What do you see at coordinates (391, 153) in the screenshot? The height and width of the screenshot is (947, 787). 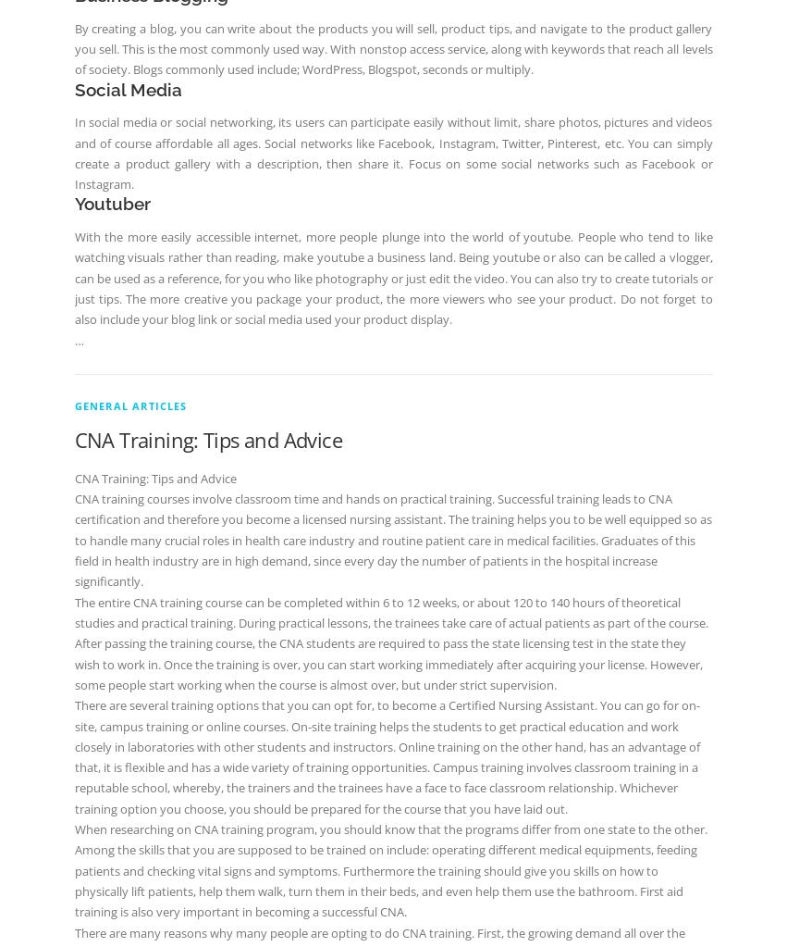 I see `'In social media or social networking, its users can participate easily without limit, share photos, pictures and videos and of course affordable all ages. Social networks like Facebook, Instagram, Twitter, Pinterest, etc. You can simply create a product gallery with a description, then share it. Focus on some social networks such as Facebook or Instagram.'` at bounding box center [391, 153].